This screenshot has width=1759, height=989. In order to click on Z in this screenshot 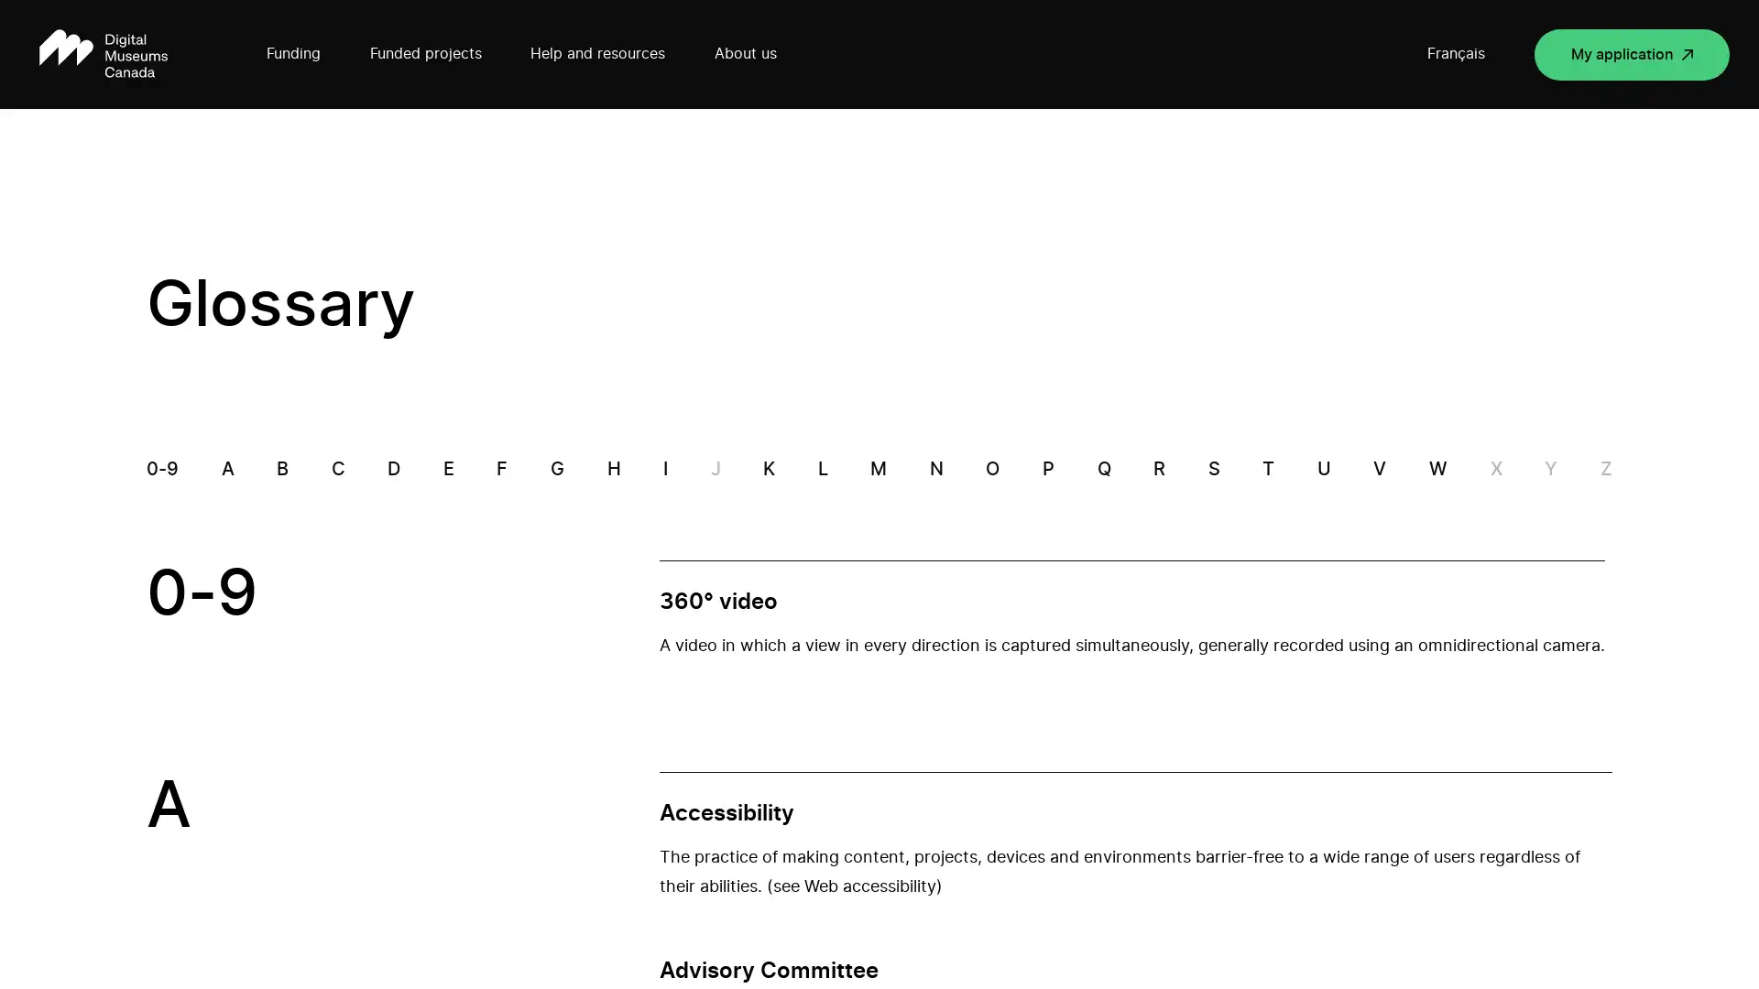, I will do `click(1604, 469)`.